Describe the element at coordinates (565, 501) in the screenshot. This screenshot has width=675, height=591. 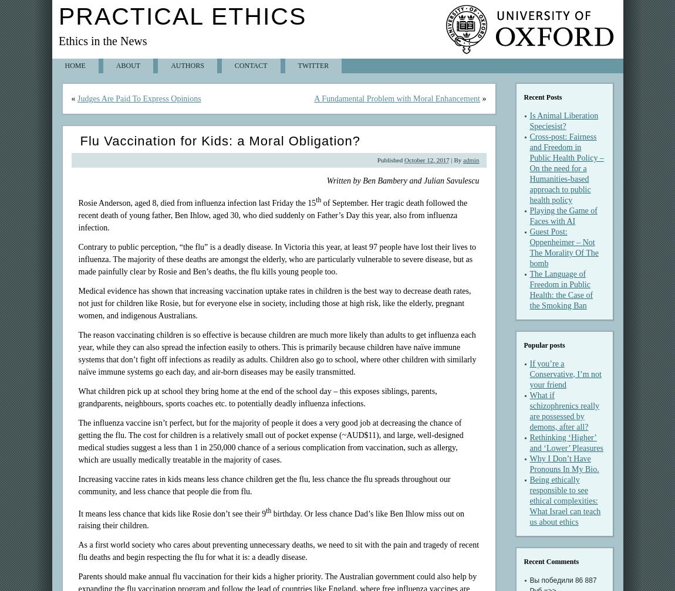
I see `'Being ethically responsible to see ethical complexities: What Israel can teach us about ethics'` at that location.